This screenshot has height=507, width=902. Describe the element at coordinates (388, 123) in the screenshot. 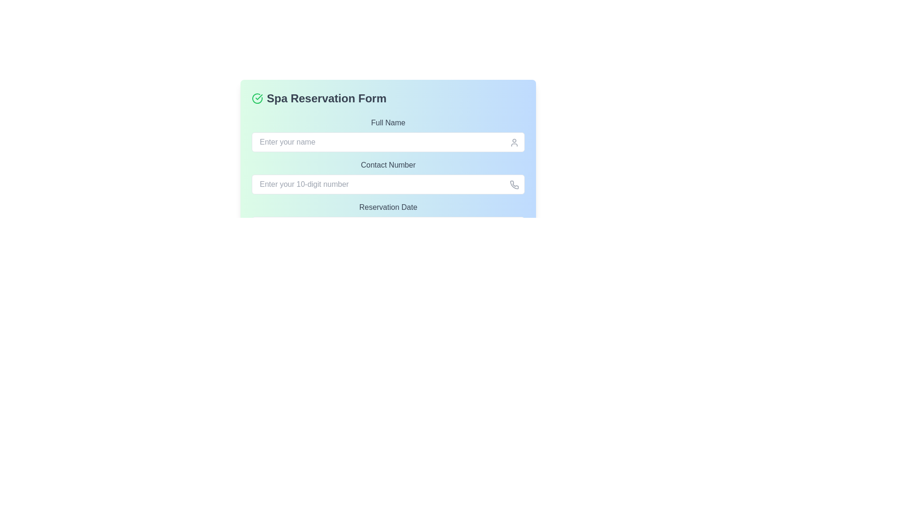

I see `the 'Full Name' label, which is a gray text label prominently displayed above the input field for entering a full name` at that location.